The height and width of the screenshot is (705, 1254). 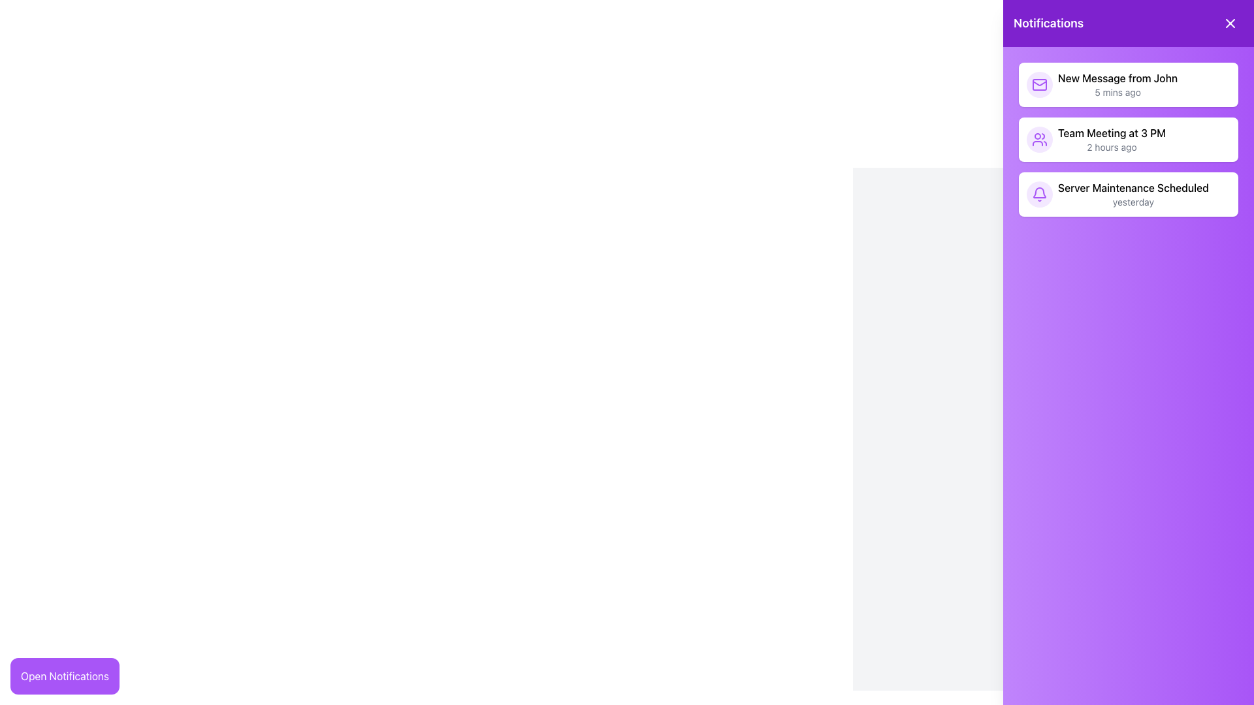 I want to click on the purple SVG icon of two stylized human figures located in the second notification entry under the 'Notifications' sidebar, adjacent to the text 'Team Meeting at 3 PM', so click(x=1039, y=139).